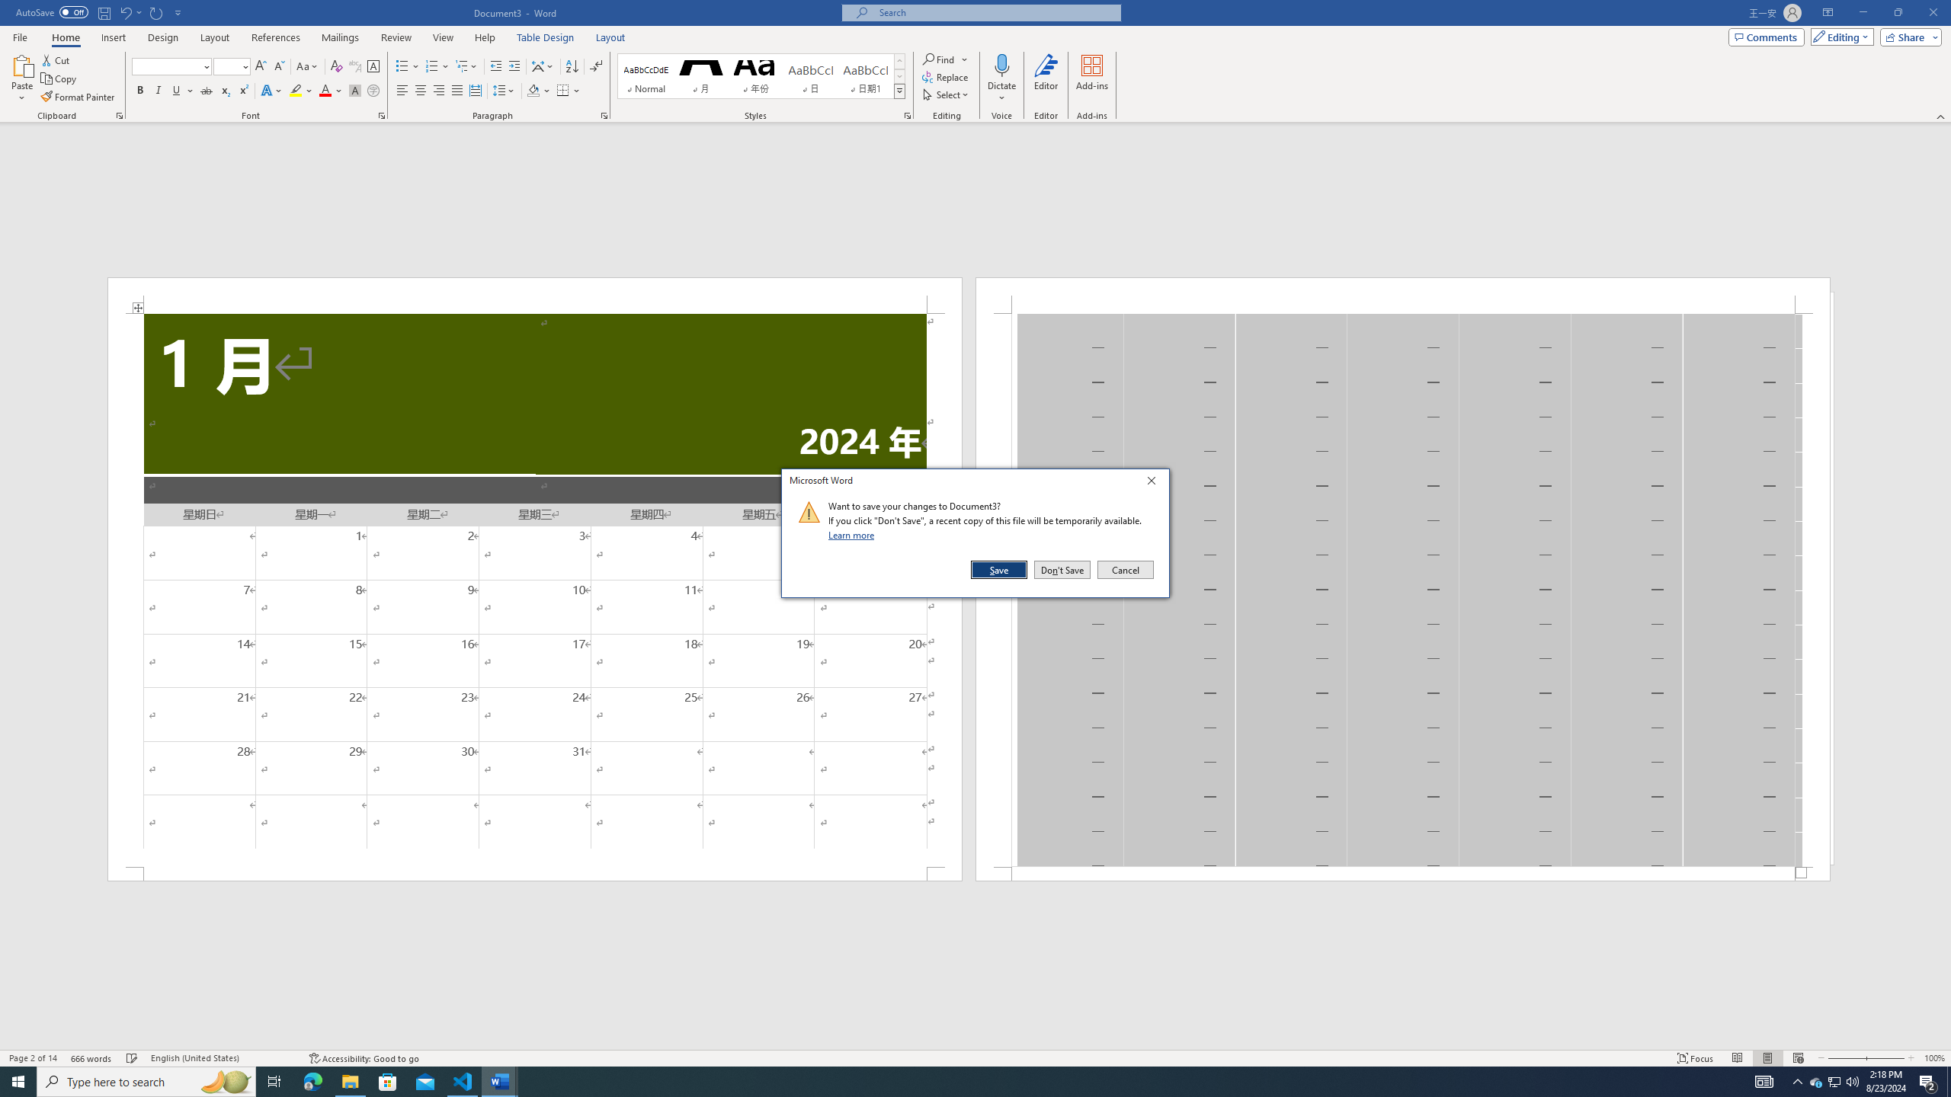  What do you see at coordinates (18, 1080) in the screenshot?
I see `'Start'` at bounding box center [18, 1080].